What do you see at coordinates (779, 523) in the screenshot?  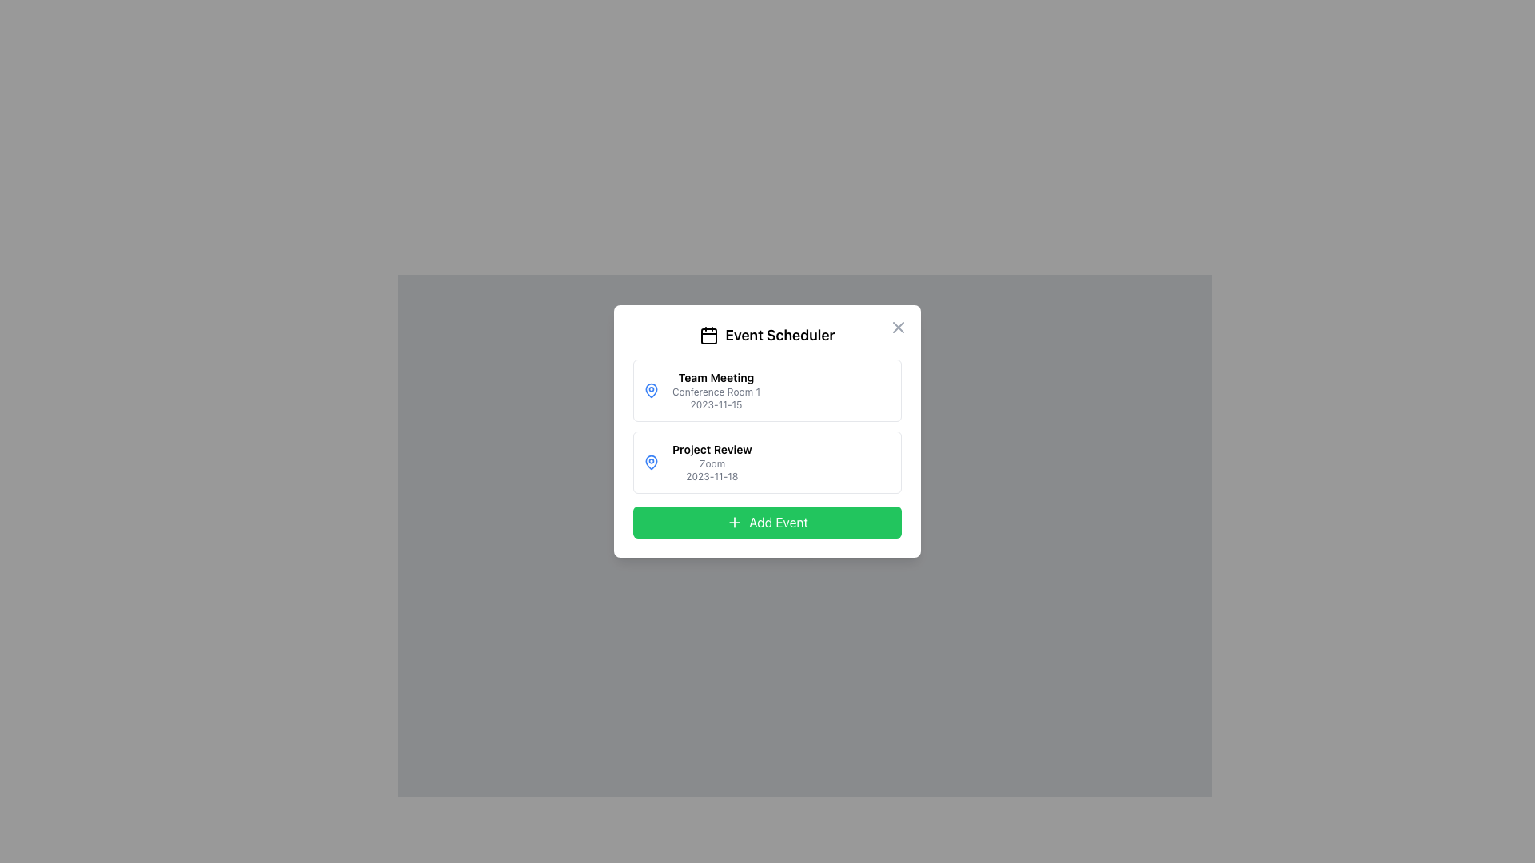 I see `the 'Add Event' button which is styled with white font on a green background and located at the bottom of the modal interface` at bounding box center [779, 523].